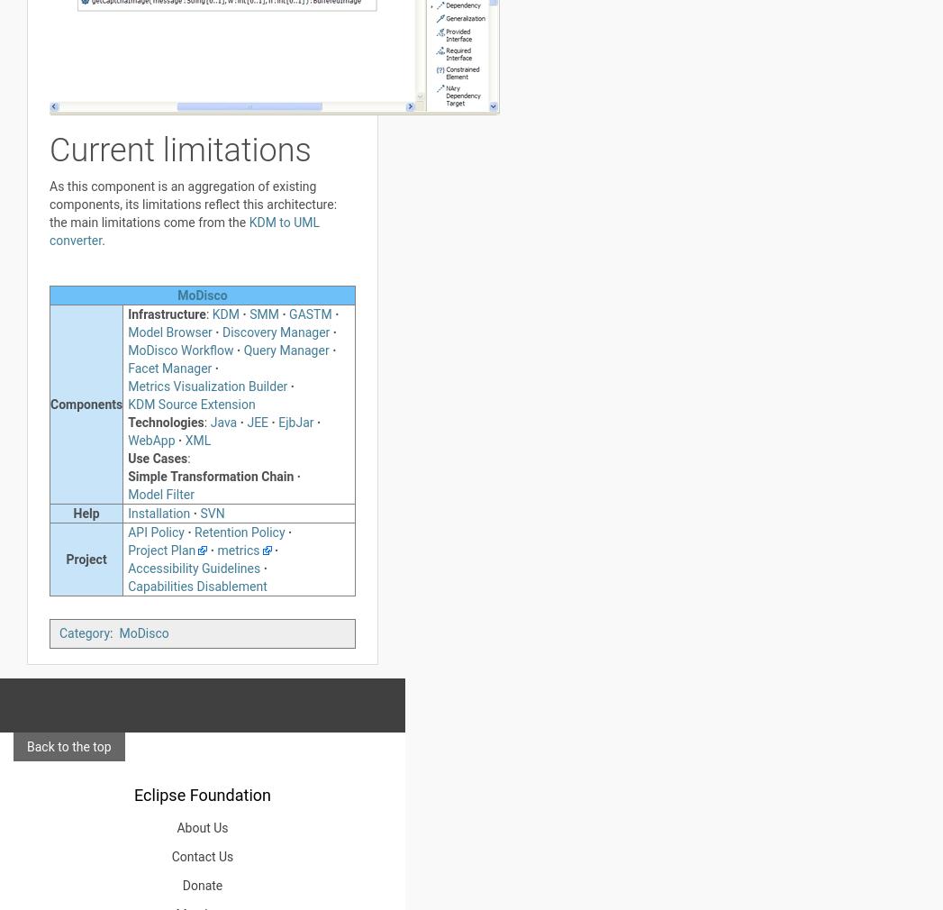 This screenshot has height=910, width=943. I want to click on 'EjbJar', so click(295, 423).